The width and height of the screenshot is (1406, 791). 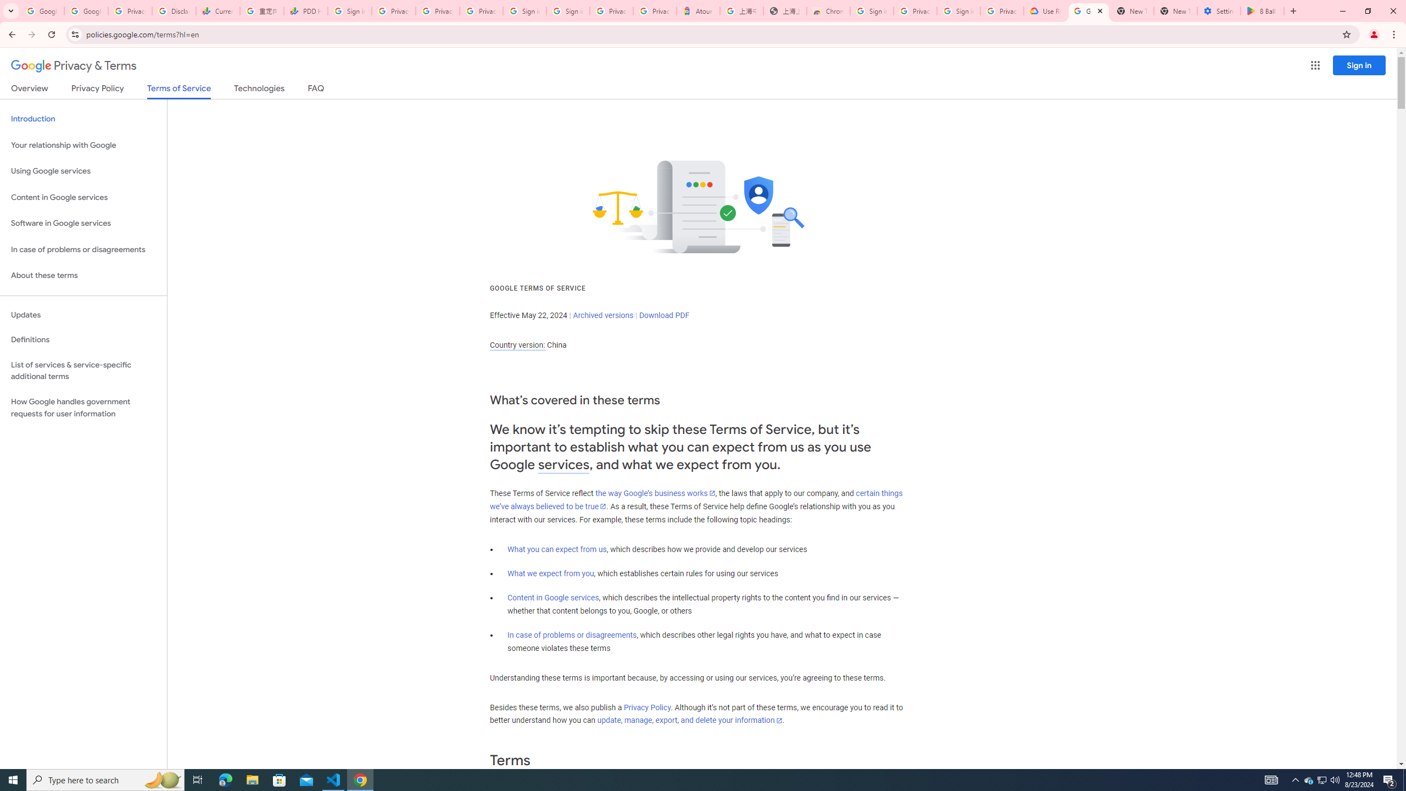 What do you see at coordinates (42, 10) in the screenshot?
I see `'Google Workspace Admin Community'` at bounding box center [42, 10].